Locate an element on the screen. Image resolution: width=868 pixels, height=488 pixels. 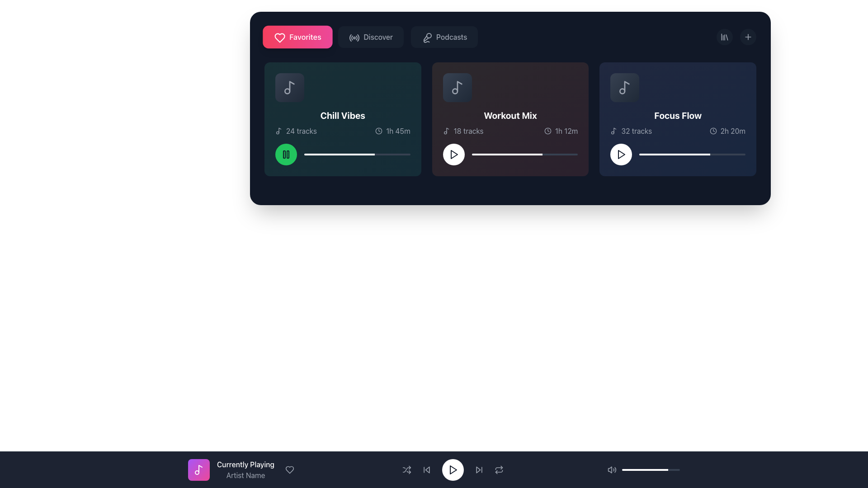
the slider is located at coordinates (320, 154).